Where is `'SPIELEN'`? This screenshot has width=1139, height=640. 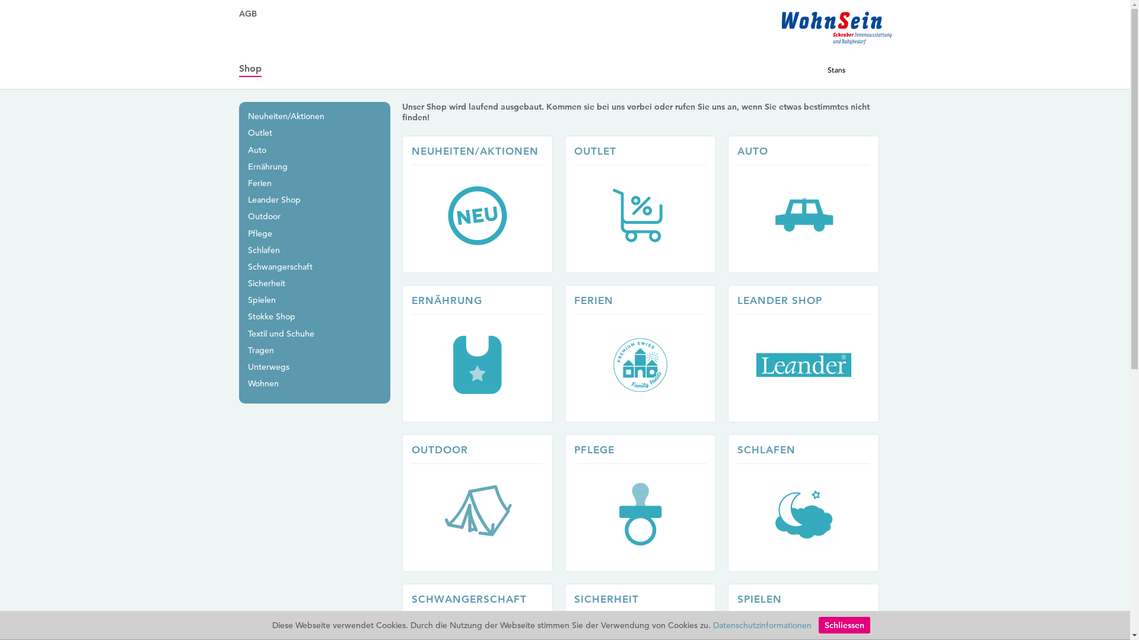
'SPIELEN' is located at coordinates (759, 599).